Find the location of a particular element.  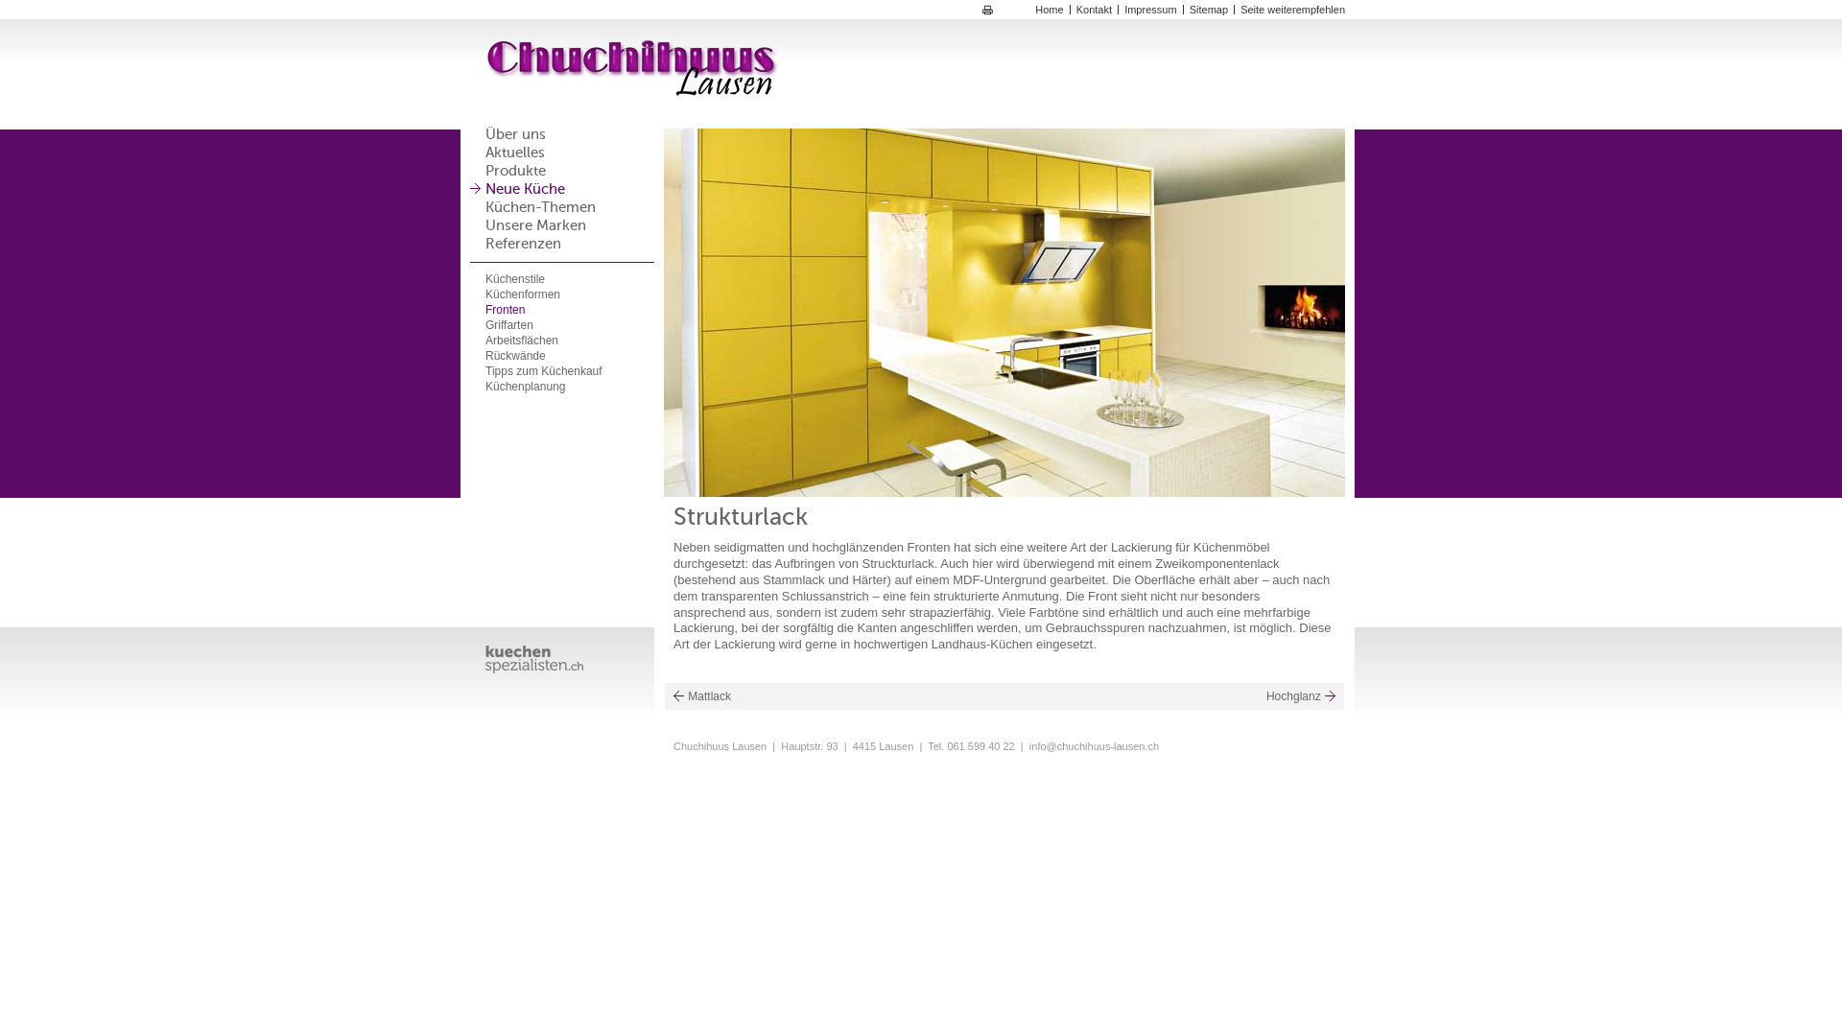

'Seite weiterempfehlen' is located at coordinates (1240, 10).